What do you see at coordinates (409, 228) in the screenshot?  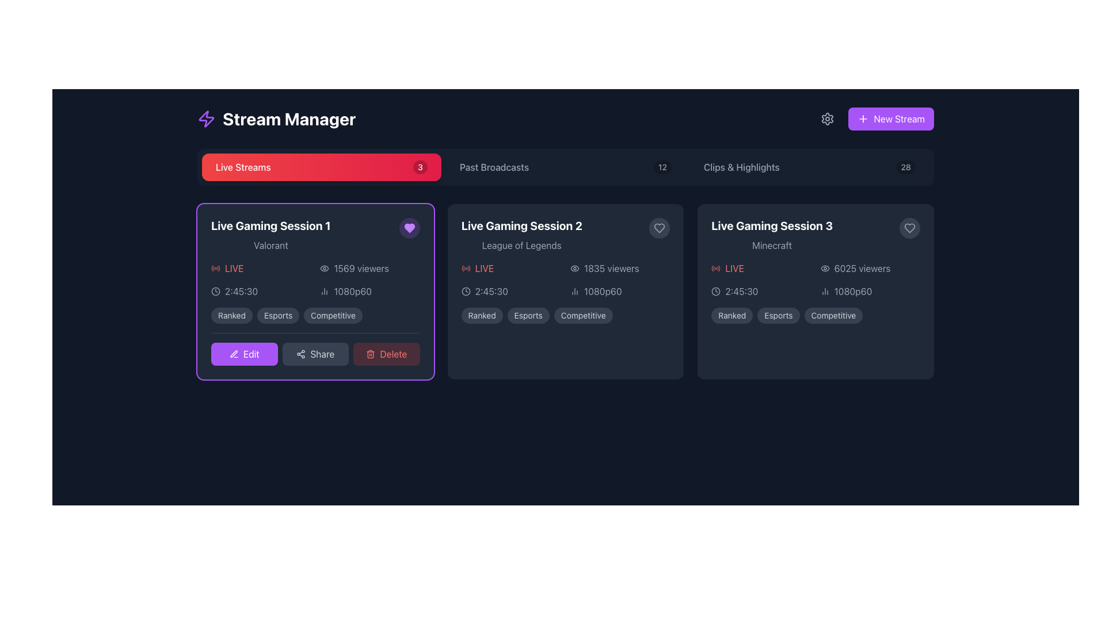 I see `the 'like' button located in the top-right corner of the 'Live Gaming Session 1' card` at bounding box center [409, 228].